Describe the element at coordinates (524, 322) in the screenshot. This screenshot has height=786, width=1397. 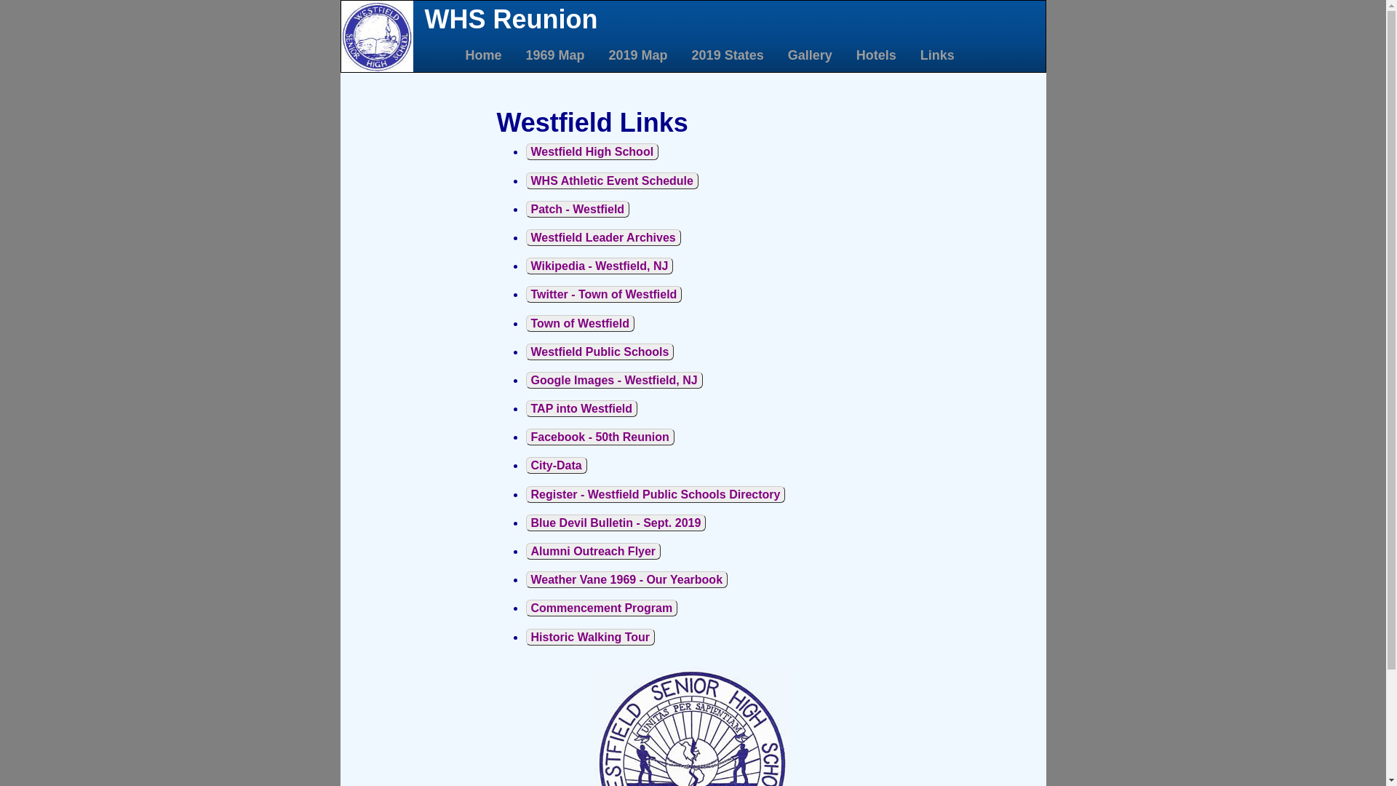
I see `'Town of Westfield'` at that location.